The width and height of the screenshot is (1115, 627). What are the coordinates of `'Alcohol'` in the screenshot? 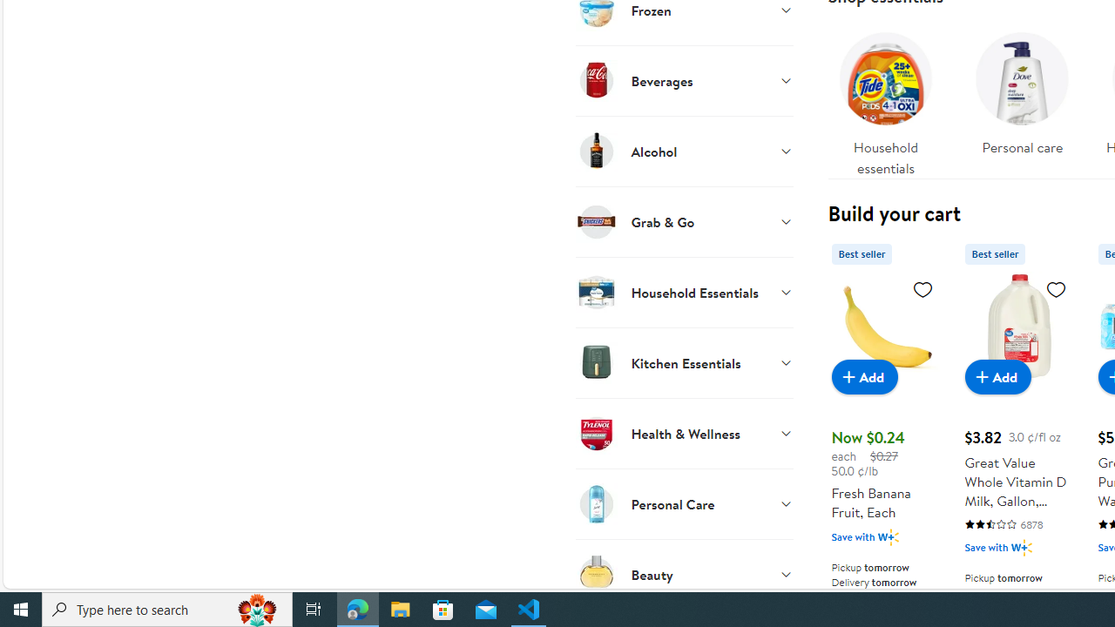 It's located at (683, 150).